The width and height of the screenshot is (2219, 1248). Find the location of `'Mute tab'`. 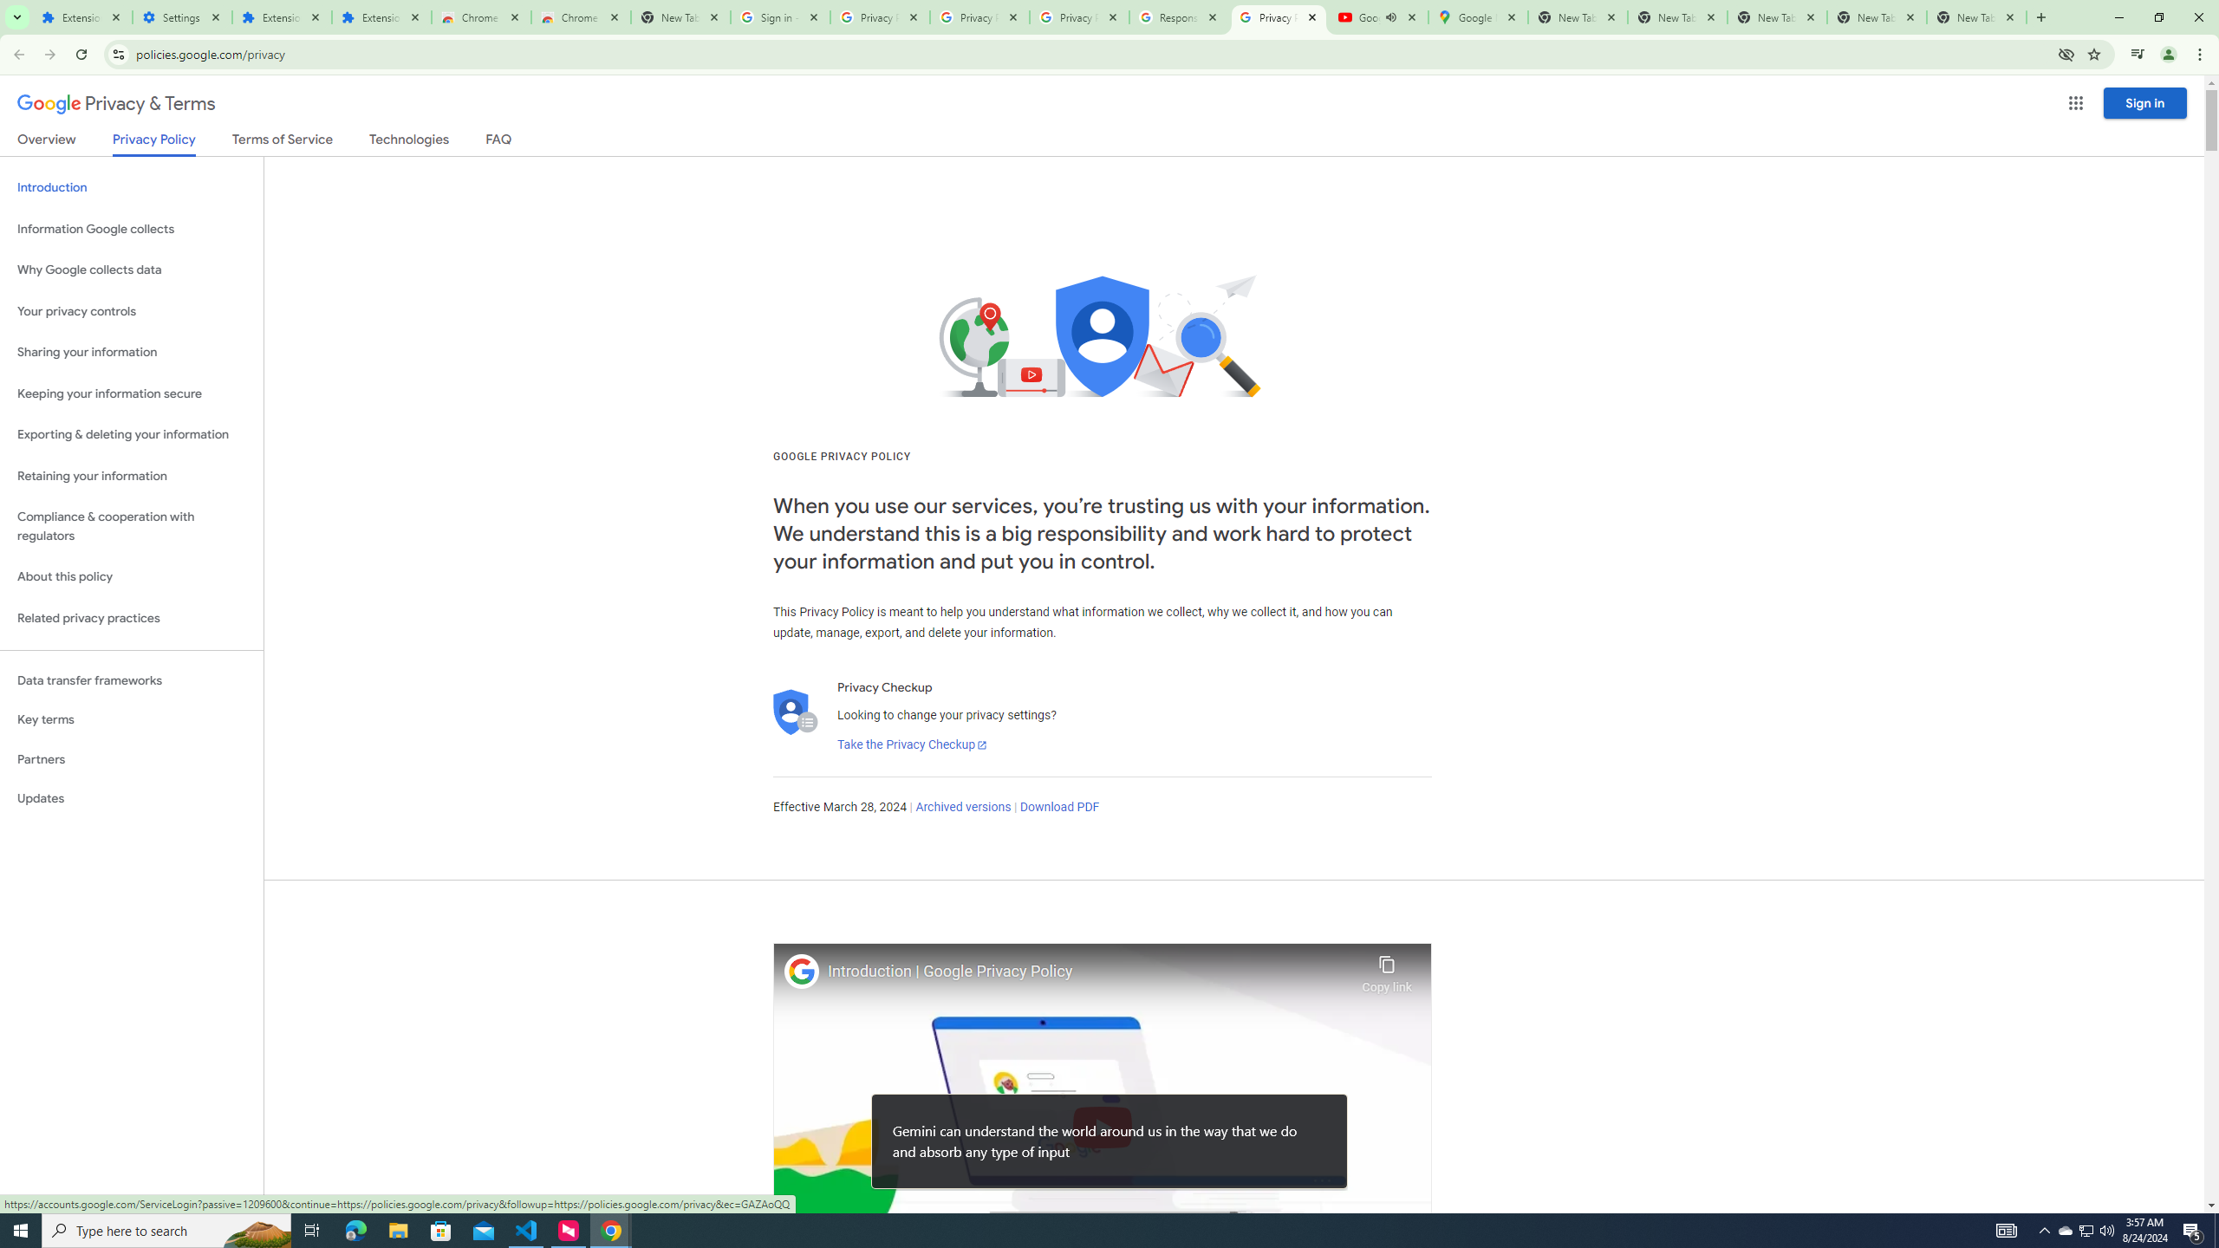

'Mute tab' is located at coordinates (1391, 16).